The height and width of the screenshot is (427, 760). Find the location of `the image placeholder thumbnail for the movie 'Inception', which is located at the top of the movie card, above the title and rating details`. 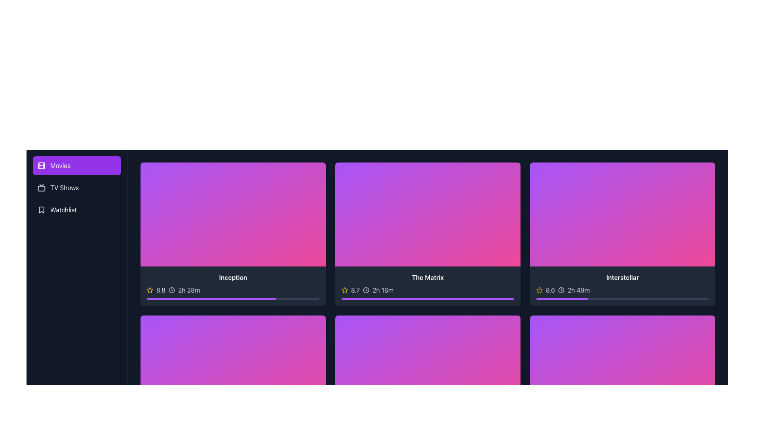

the image placeholder thumbnail for the movie 'Inception', which is located at the top of the movie card, above the title and rating details is located at coordinates (233, 214).